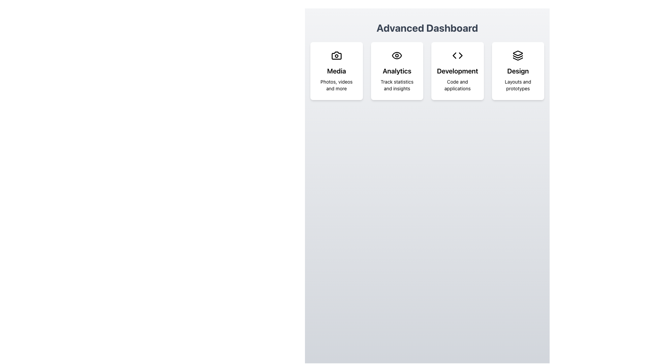 This screenshot has width=647, height=364. Describe the element at coordinates (336, 71) in the screenshot. I see `the Dashboard Card located at the top-left corner of the grid` at that location.